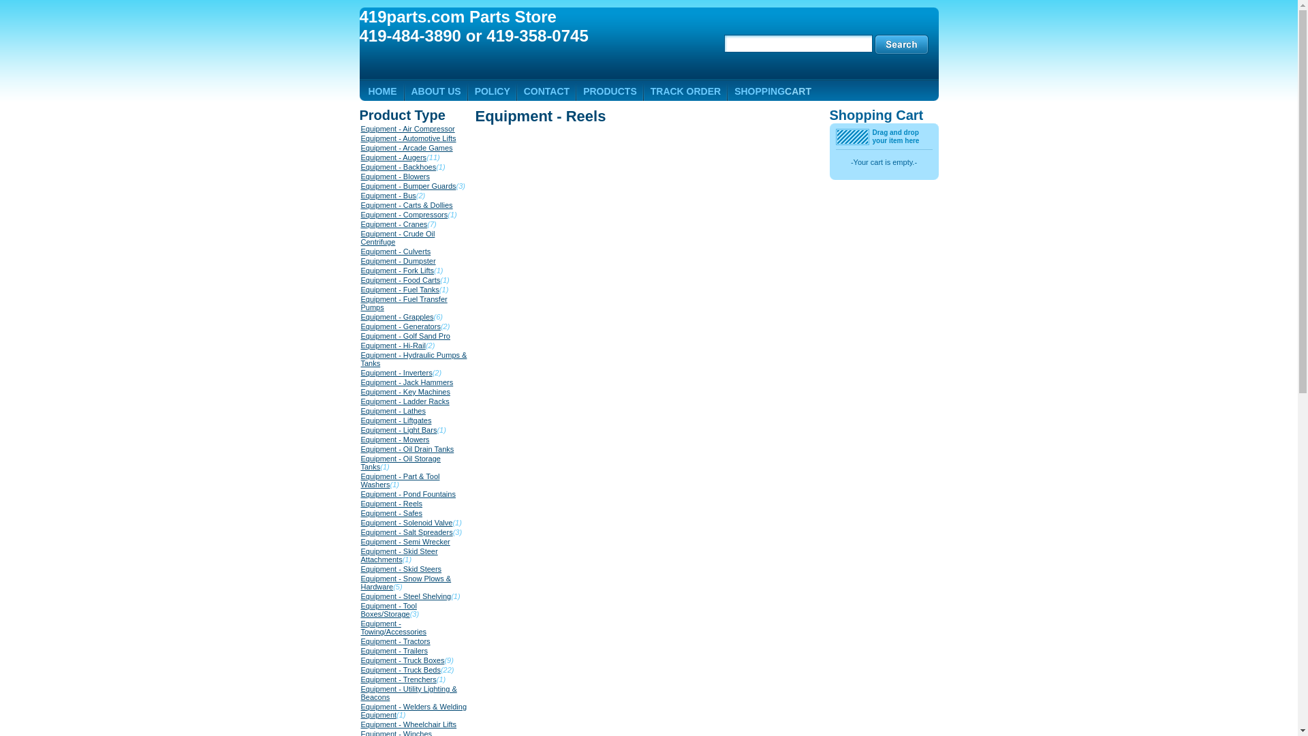  I want to click on 'Equipment - Golf Sand Pro', so click(405, 336).